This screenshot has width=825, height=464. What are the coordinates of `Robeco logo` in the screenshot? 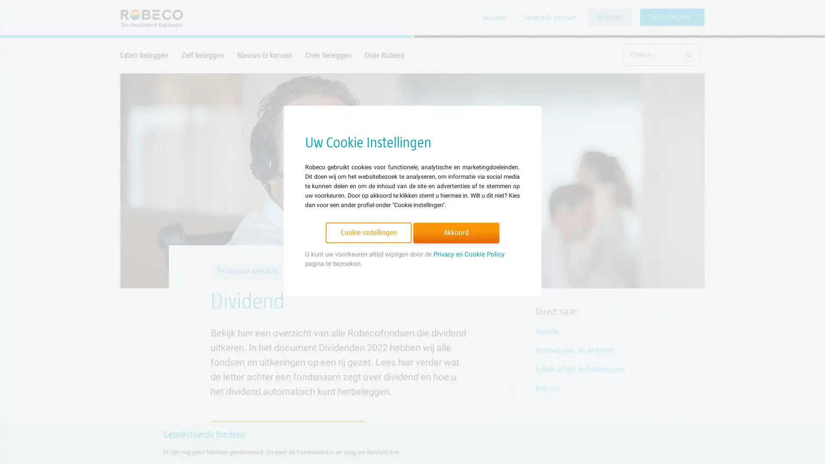 It's located at (147, 18).